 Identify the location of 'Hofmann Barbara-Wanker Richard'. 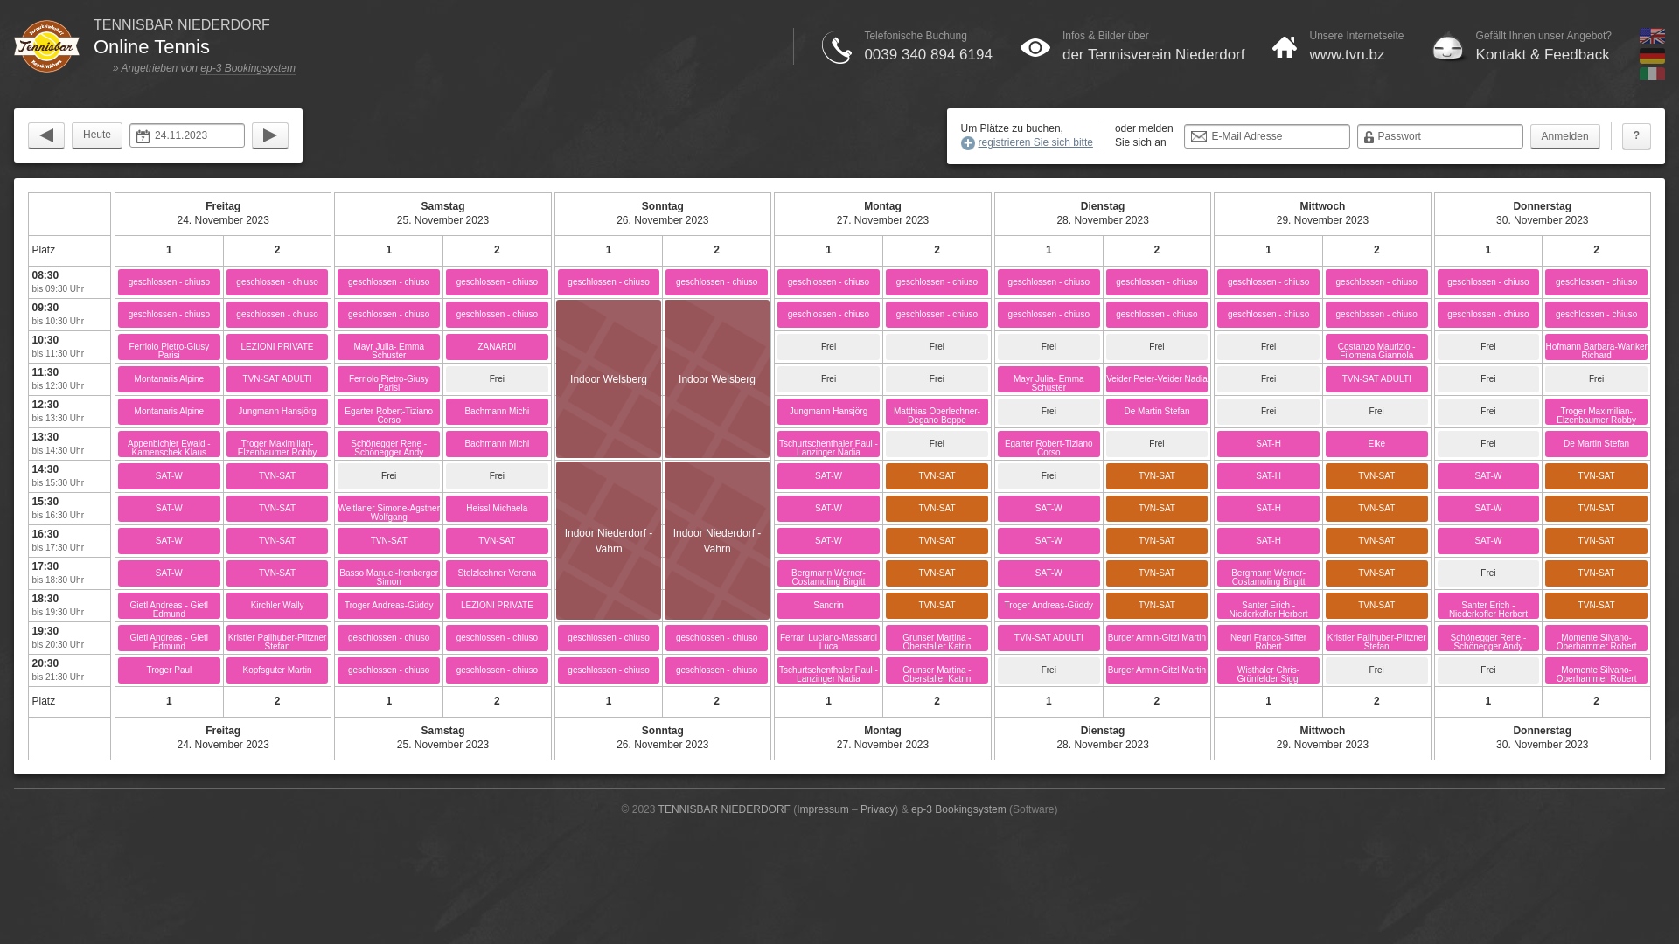
(1544, 347).